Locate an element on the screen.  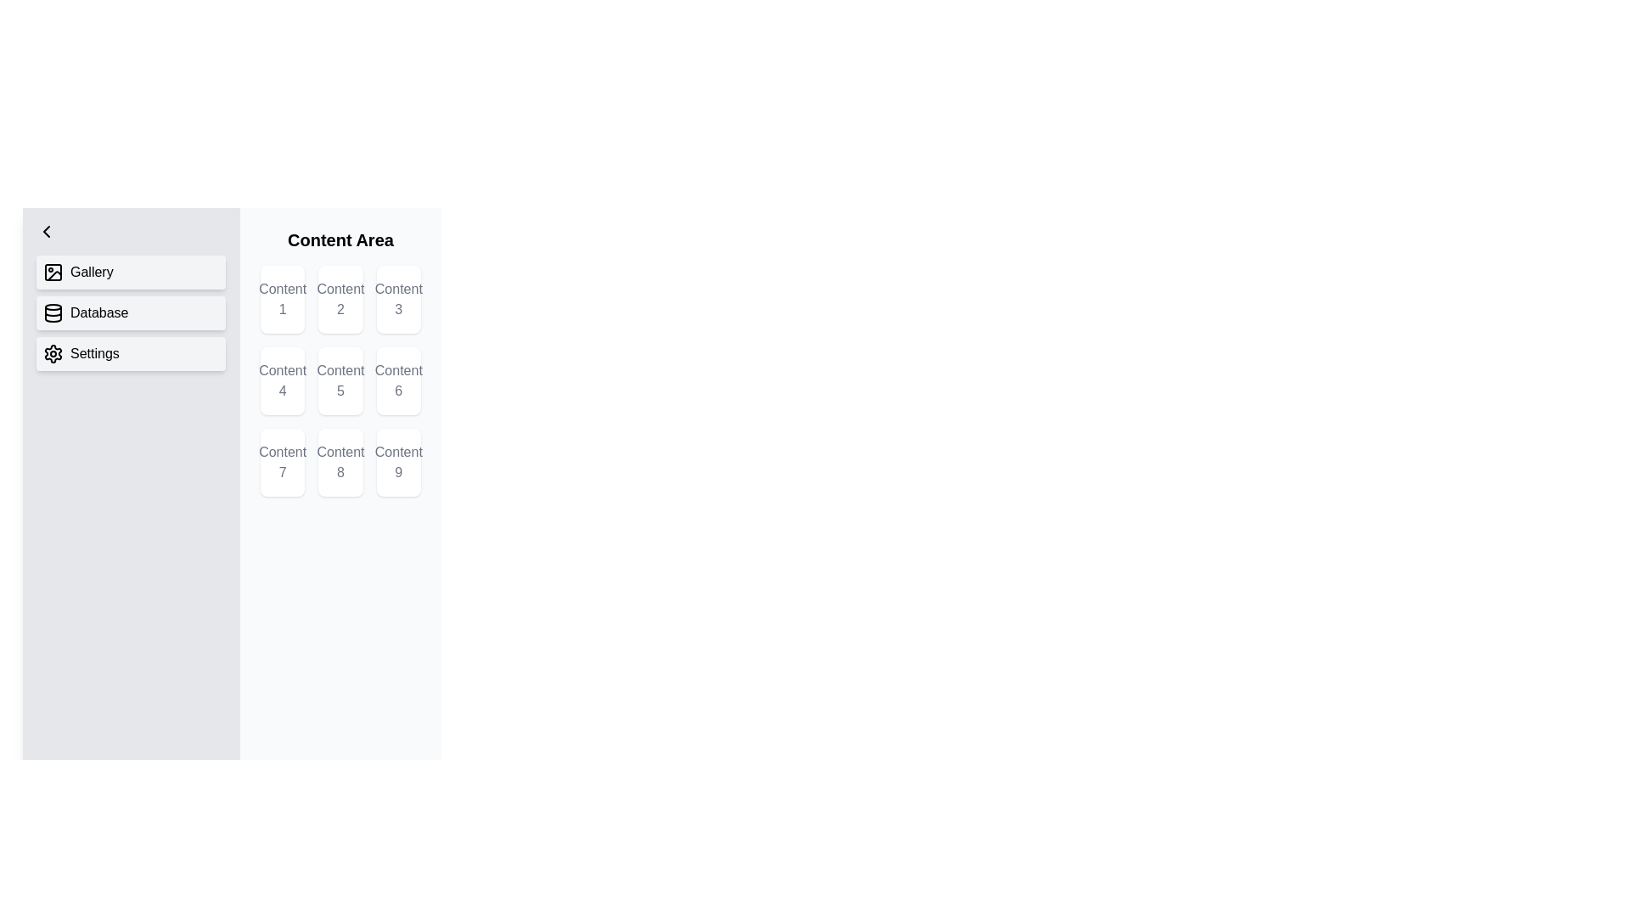
the database icon that visually represents the 'Database' menu item, enhancing user recognition and navigation is located at coordinates (53, 313).